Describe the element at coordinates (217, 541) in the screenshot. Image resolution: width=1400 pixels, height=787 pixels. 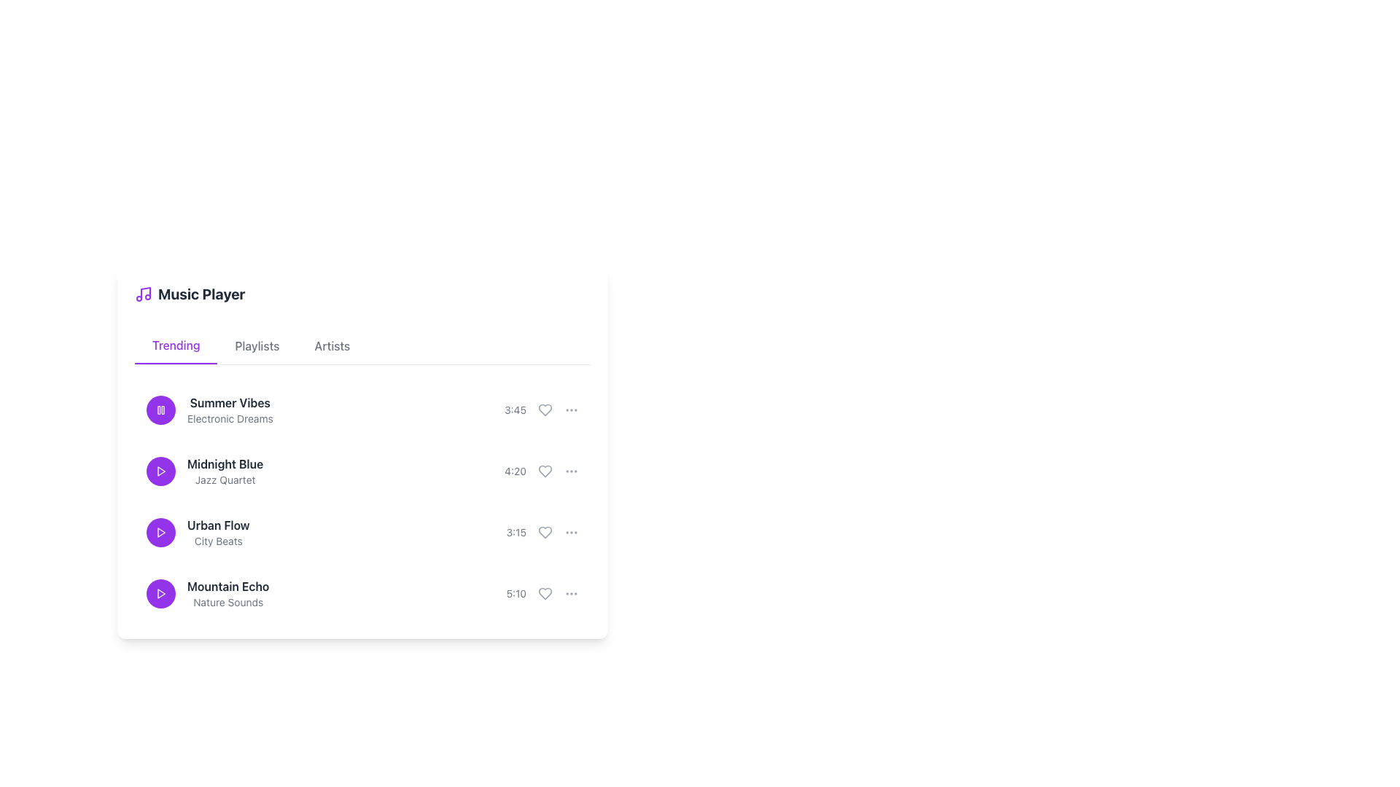
I see `the text label that reads 'City Beats', which is styled in a smaller font size and lighter gray color, located under the 'Trending' tab in the music player interface` at that location.